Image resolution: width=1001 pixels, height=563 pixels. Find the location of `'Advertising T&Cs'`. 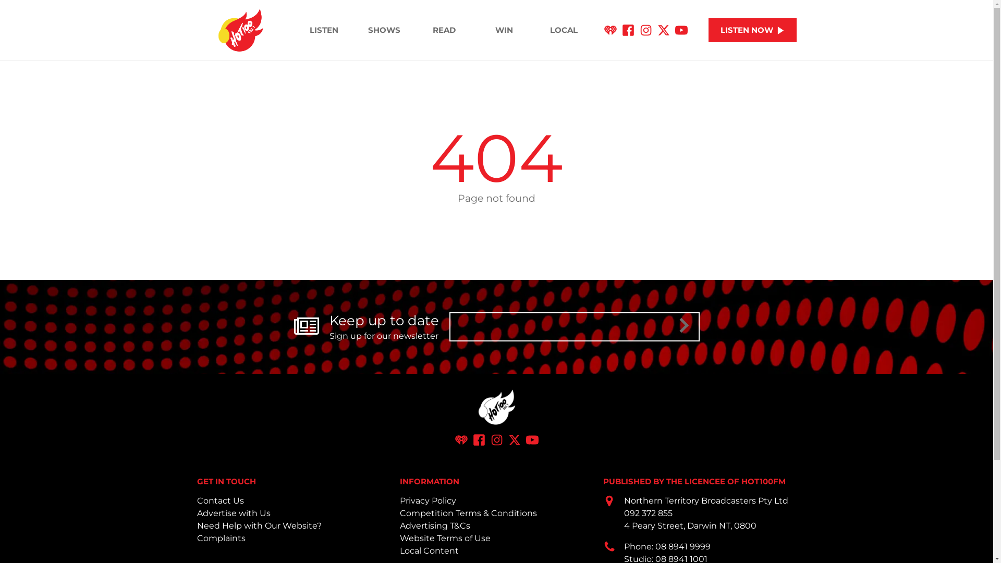

'Advertising T&Cs' is located at coordinates (435, 525).